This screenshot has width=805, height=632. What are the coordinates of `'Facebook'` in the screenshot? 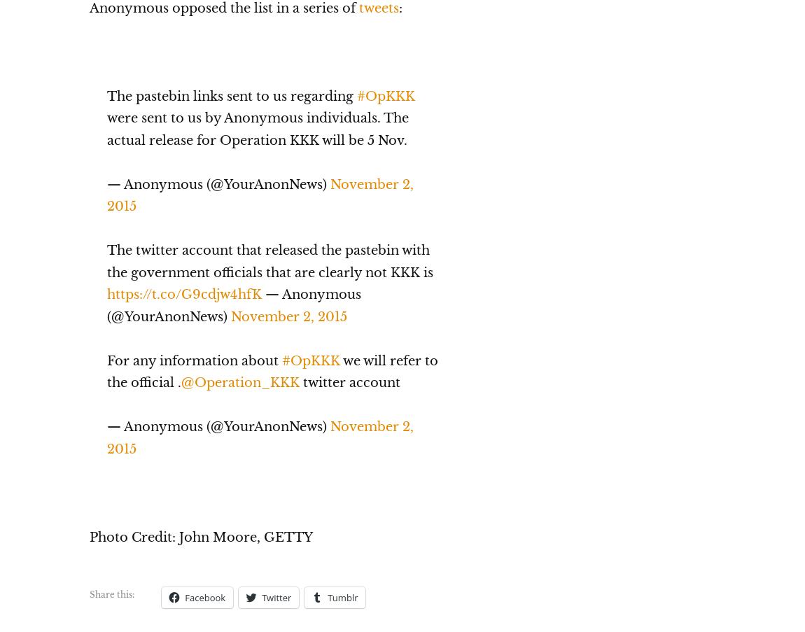 It's located at (205, 596).